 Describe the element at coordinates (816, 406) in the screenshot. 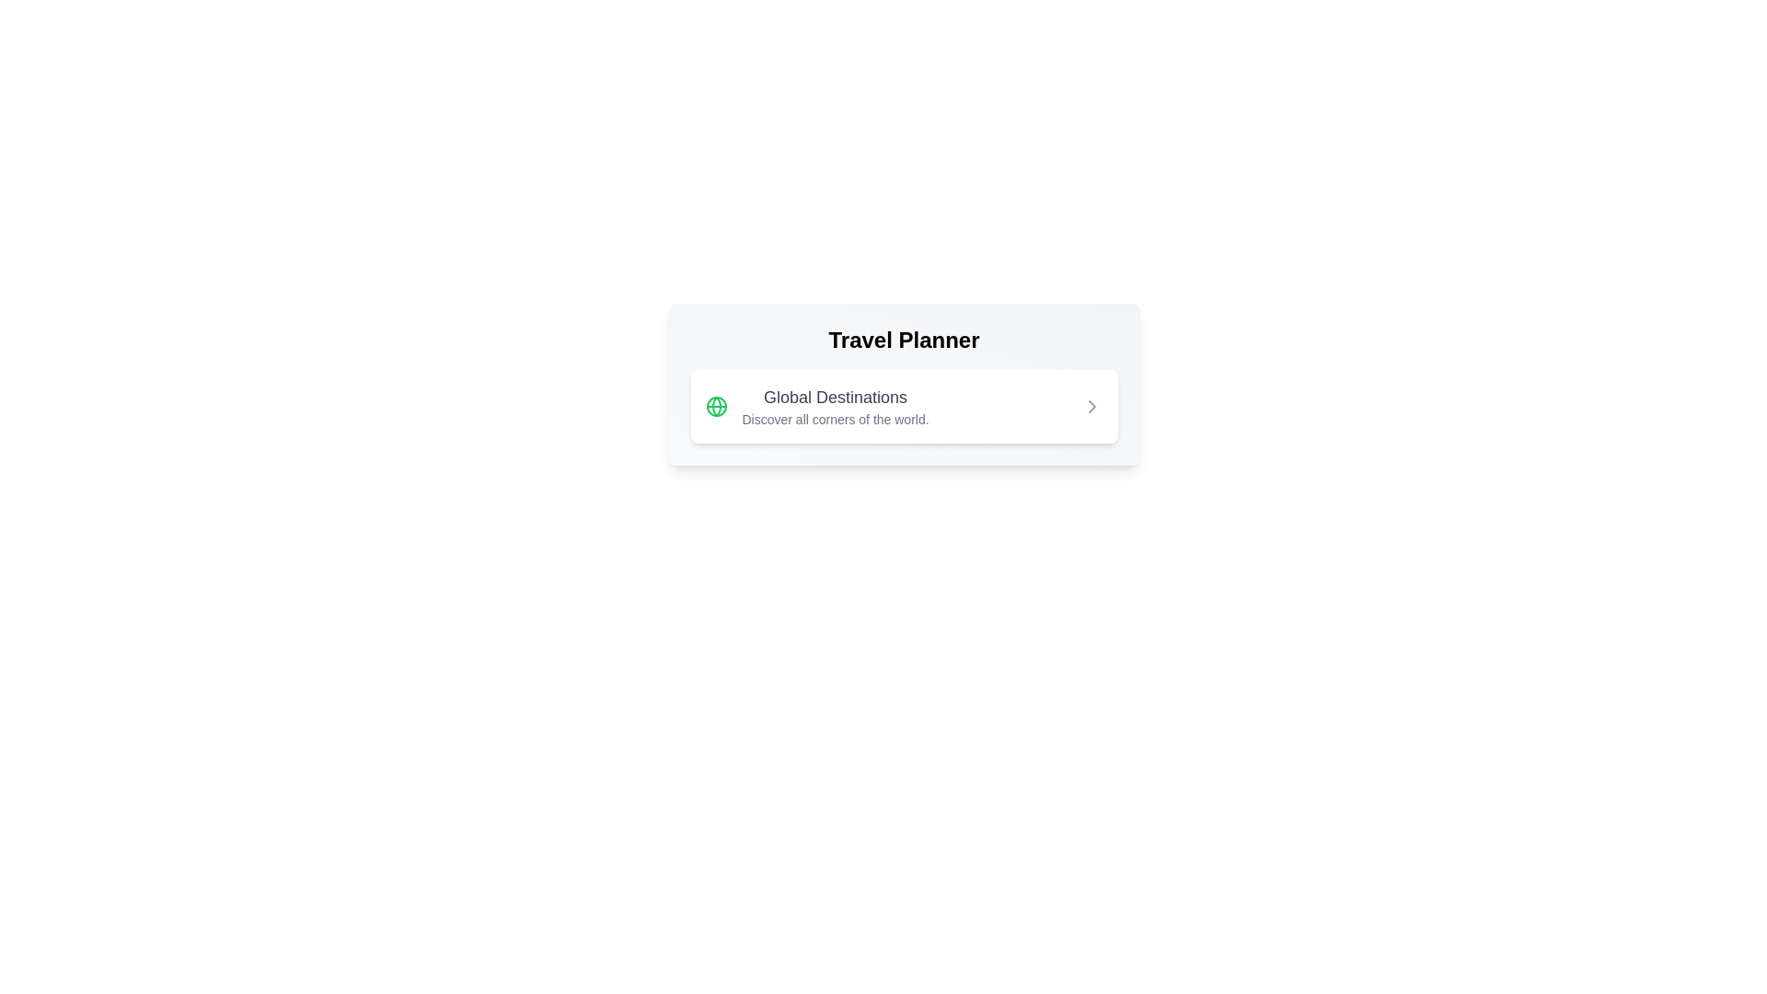

I see `the label with an associated description and icon in the 'Travel Planner' box, located at the top-left part of the box` at that location.